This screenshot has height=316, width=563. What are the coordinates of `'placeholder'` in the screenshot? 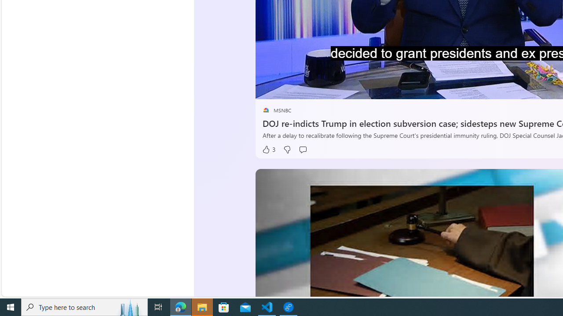 It's located at (265, 110).